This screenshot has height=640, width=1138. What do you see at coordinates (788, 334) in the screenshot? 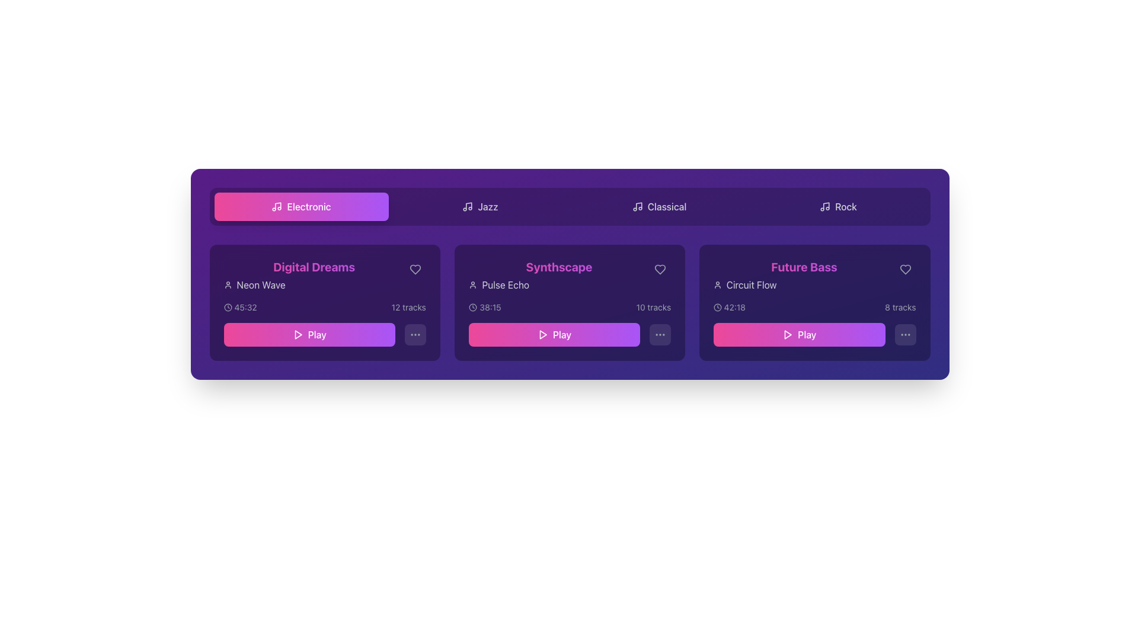
I see `the triangular play icon, styled with a gradient from magenta to purple, located at the center of the 'Play' button beneath the 'Future Bass' card` at bounding box center [788, 334].